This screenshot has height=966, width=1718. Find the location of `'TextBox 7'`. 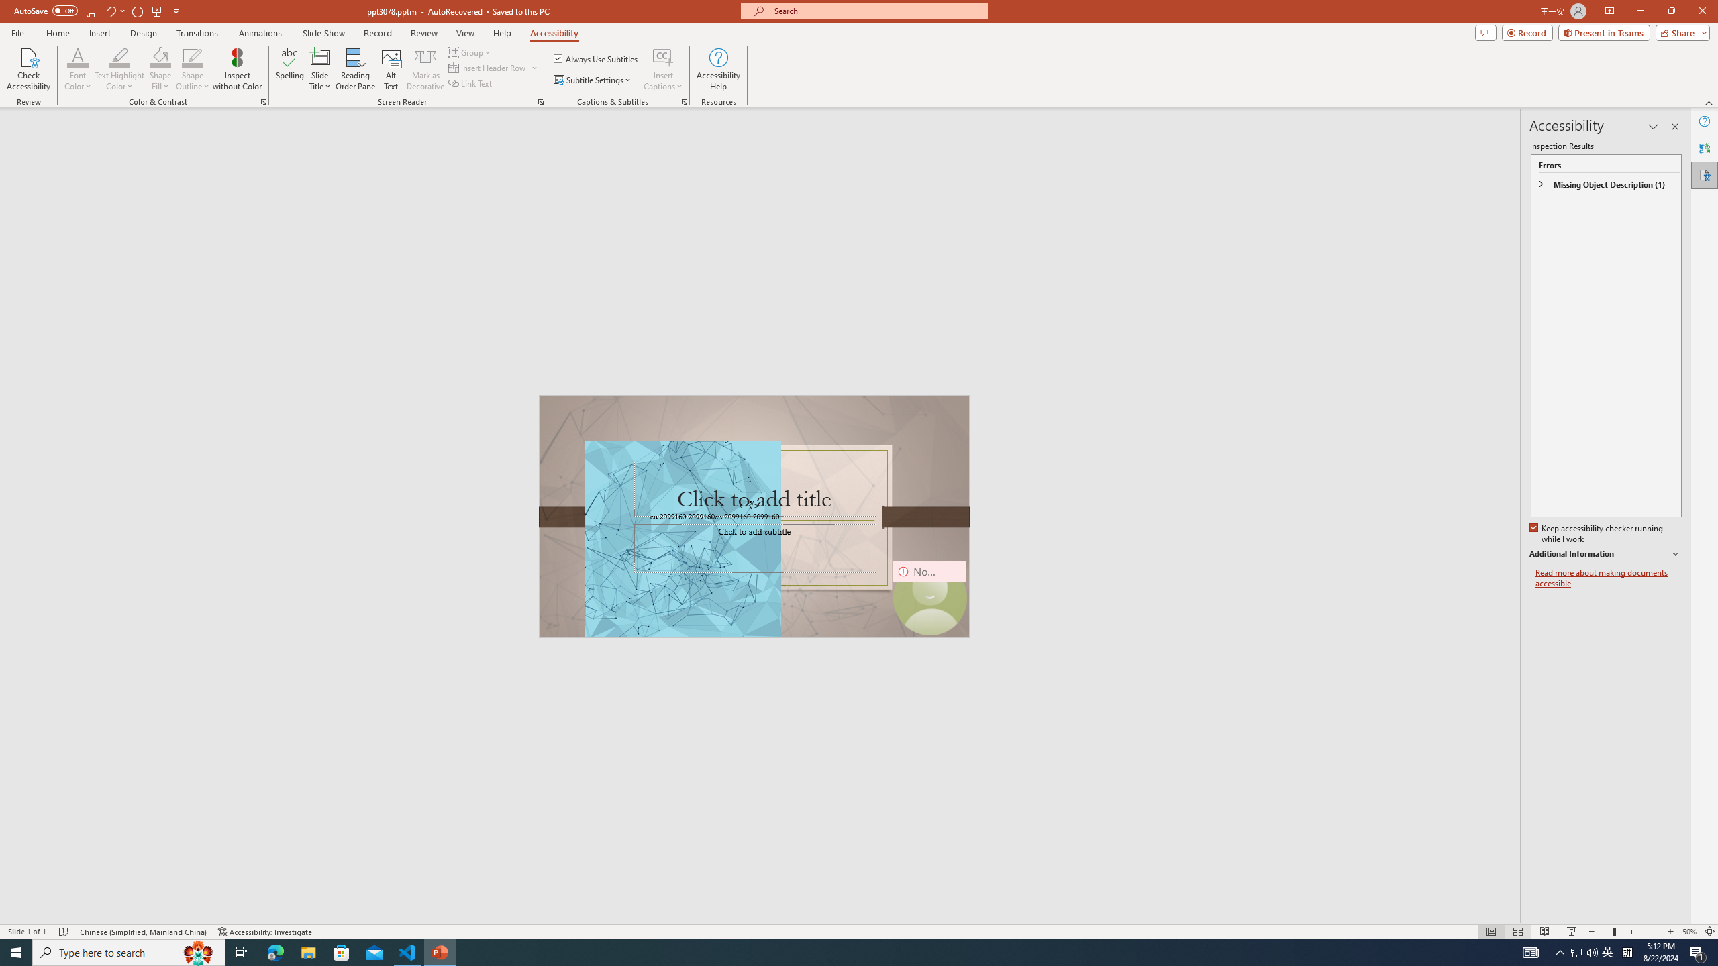

'TextBox 7' is located at coordinates (749, 506).